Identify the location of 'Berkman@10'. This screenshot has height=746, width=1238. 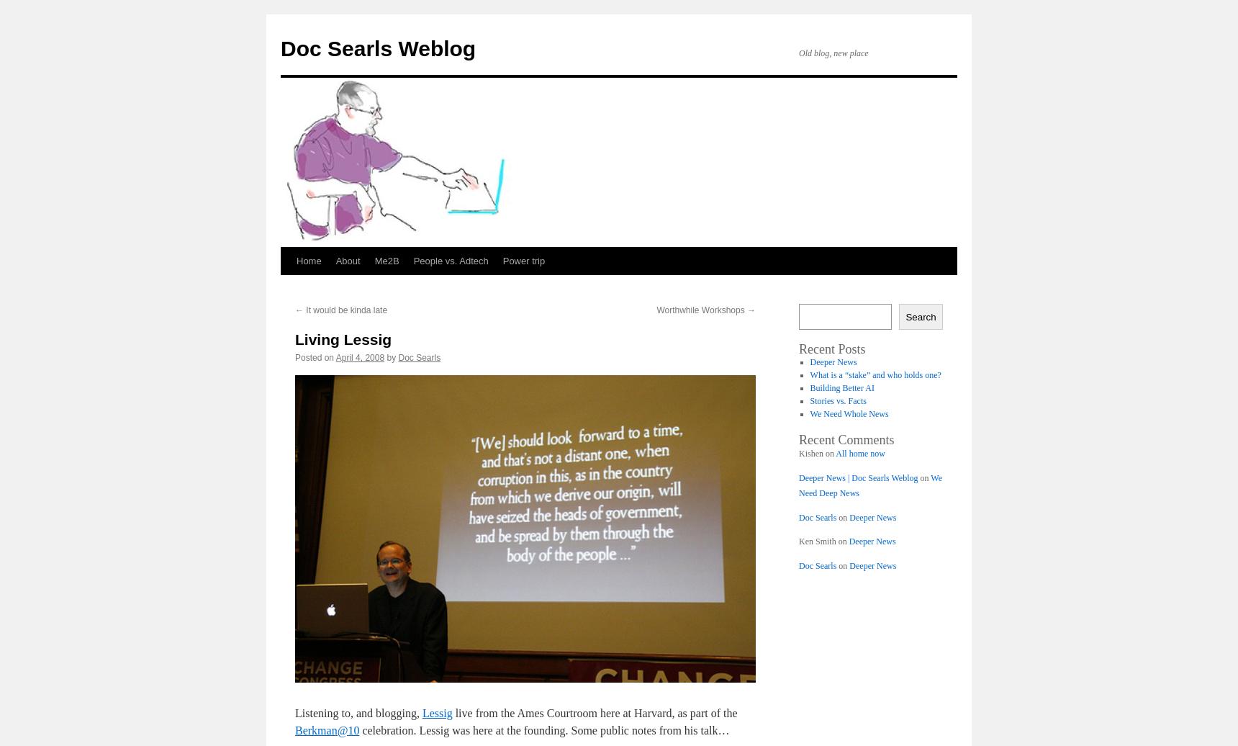
(326, 729).